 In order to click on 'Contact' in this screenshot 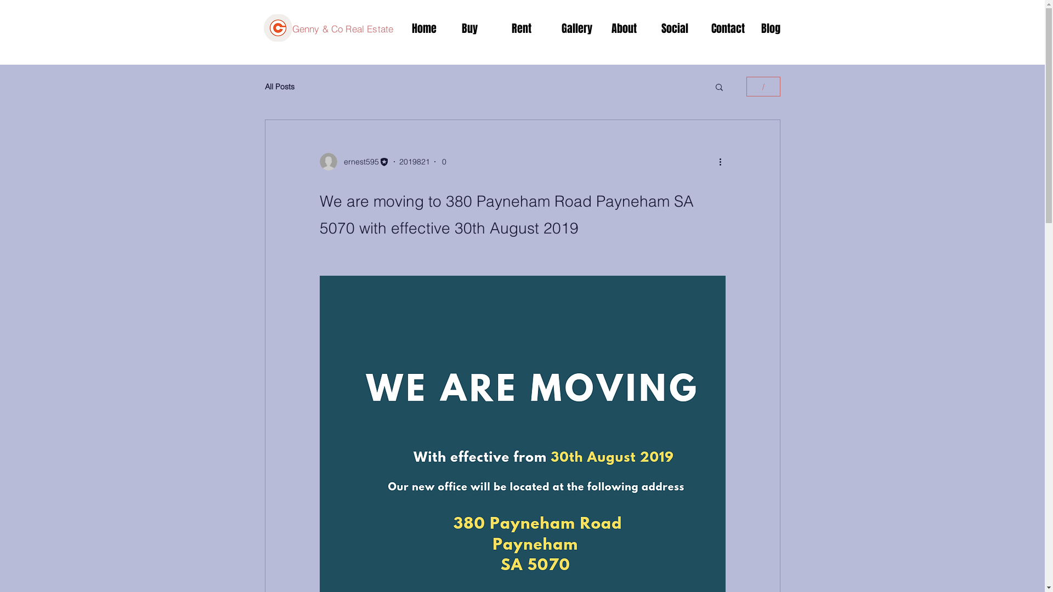, I will do `click(703, 27)`.